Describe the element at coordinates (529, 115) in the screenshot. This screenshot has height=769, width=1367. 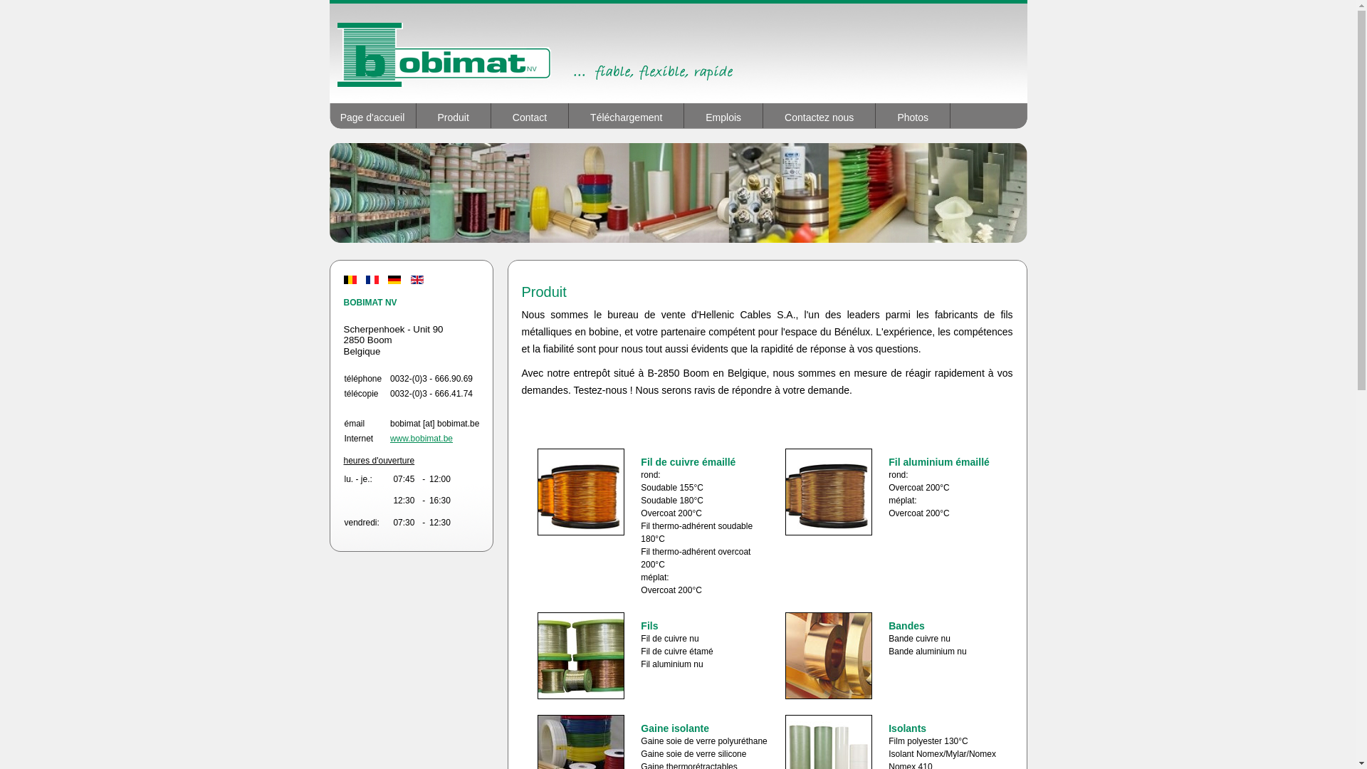
I see `'Contact'` at that location.